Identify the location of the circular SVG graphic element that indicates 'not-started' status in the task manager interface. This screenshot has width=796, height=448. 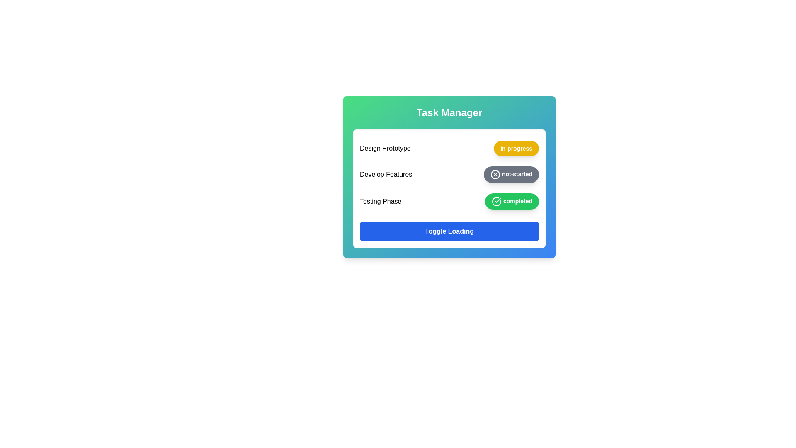
(495, 174).